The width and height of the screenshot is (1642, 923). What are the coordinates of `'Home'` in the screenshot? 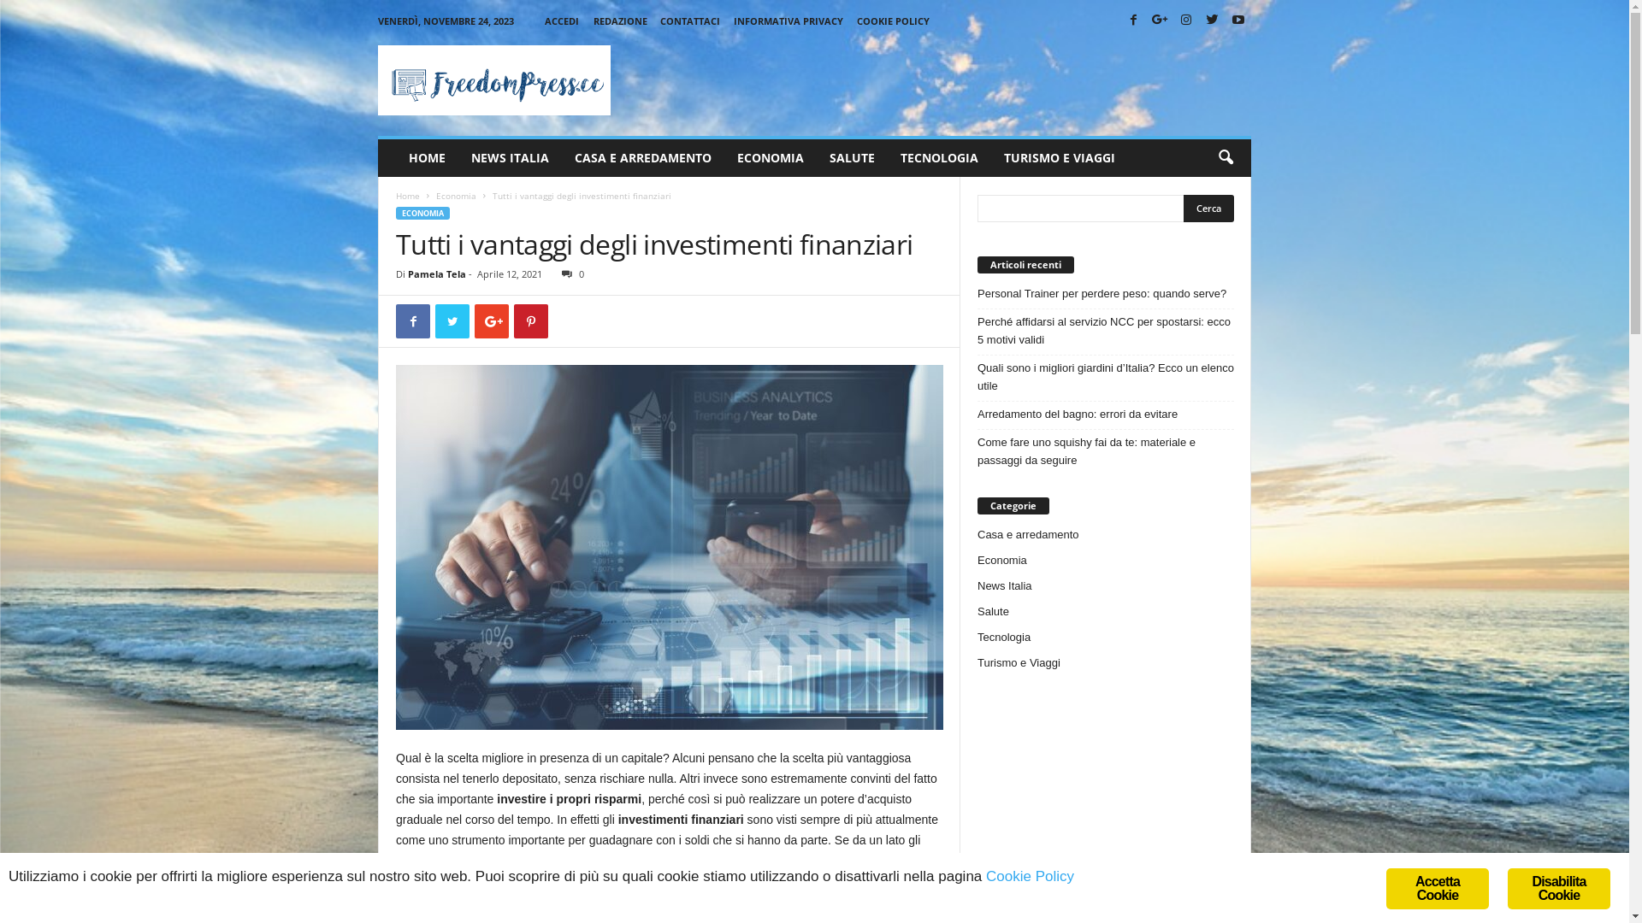 It's located at (406, 194).